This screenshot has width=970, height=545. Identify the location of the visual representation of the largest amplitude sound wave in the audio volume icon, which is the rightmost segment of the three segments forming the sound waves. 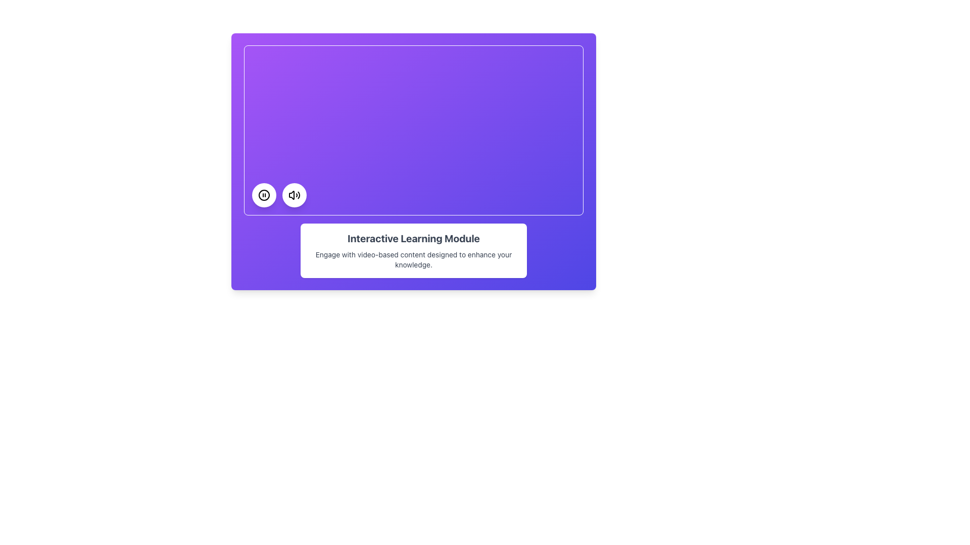
(298, 195).